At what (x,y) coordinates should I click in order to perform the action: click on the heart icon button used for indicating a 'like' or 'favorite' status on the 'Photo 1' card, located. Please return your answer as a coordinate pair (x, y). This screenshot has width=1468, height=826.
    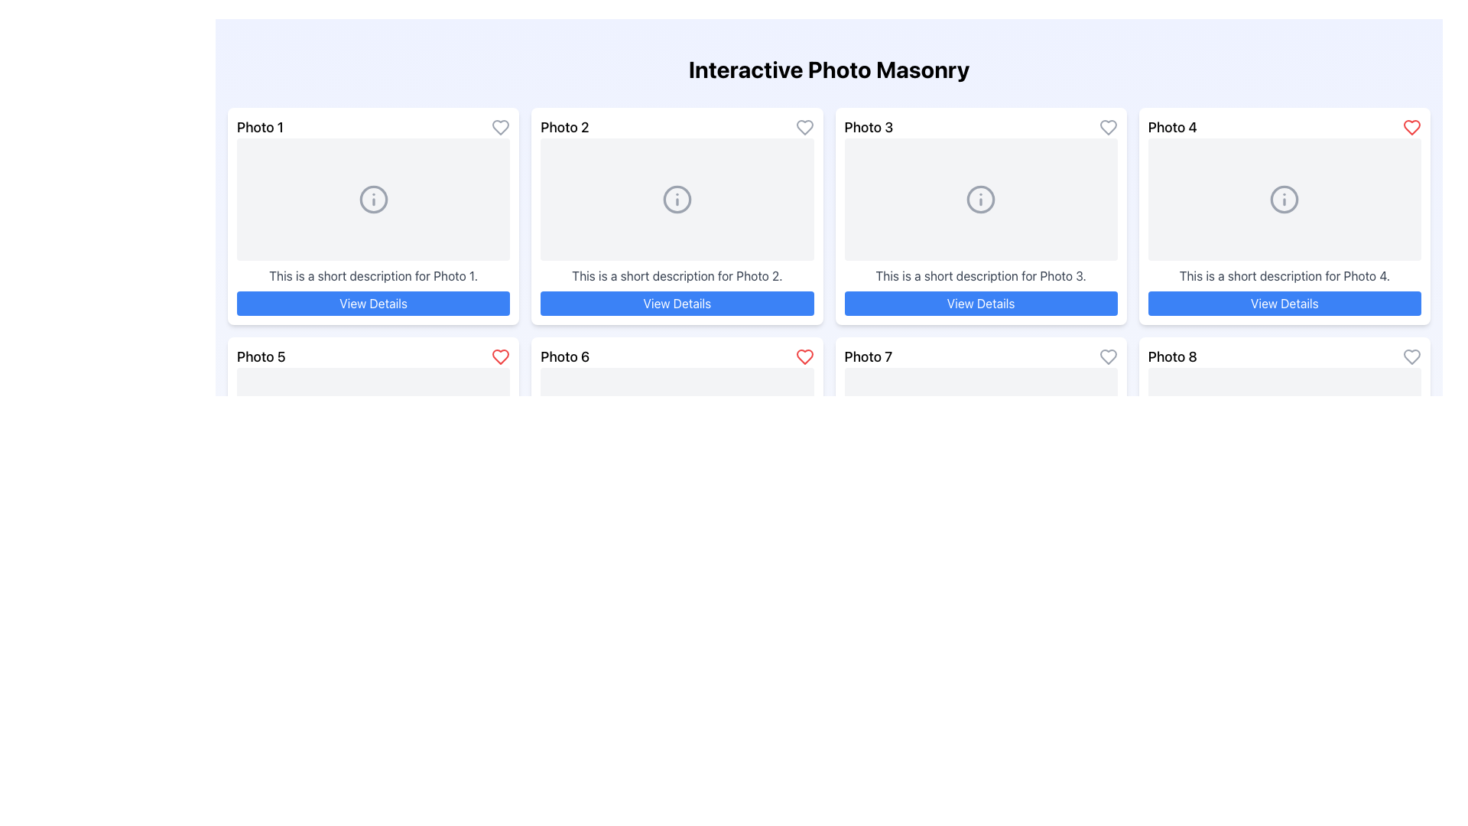
    Looking at the image, I should click on (501, 126).